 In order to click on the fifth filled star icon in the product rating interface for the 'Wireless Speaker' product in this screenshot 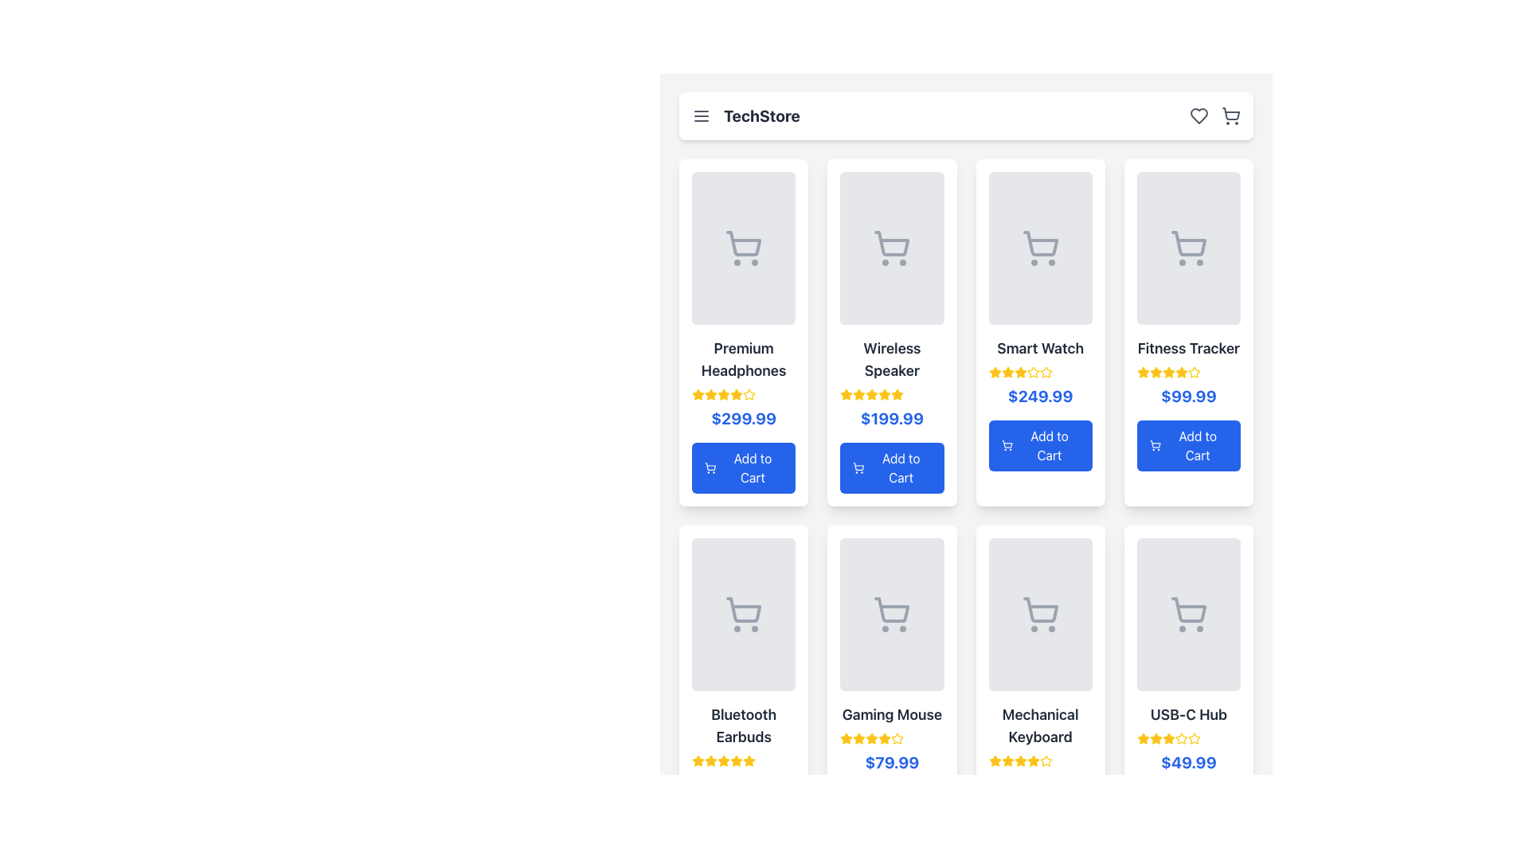, I will do `click(884, 394)`.